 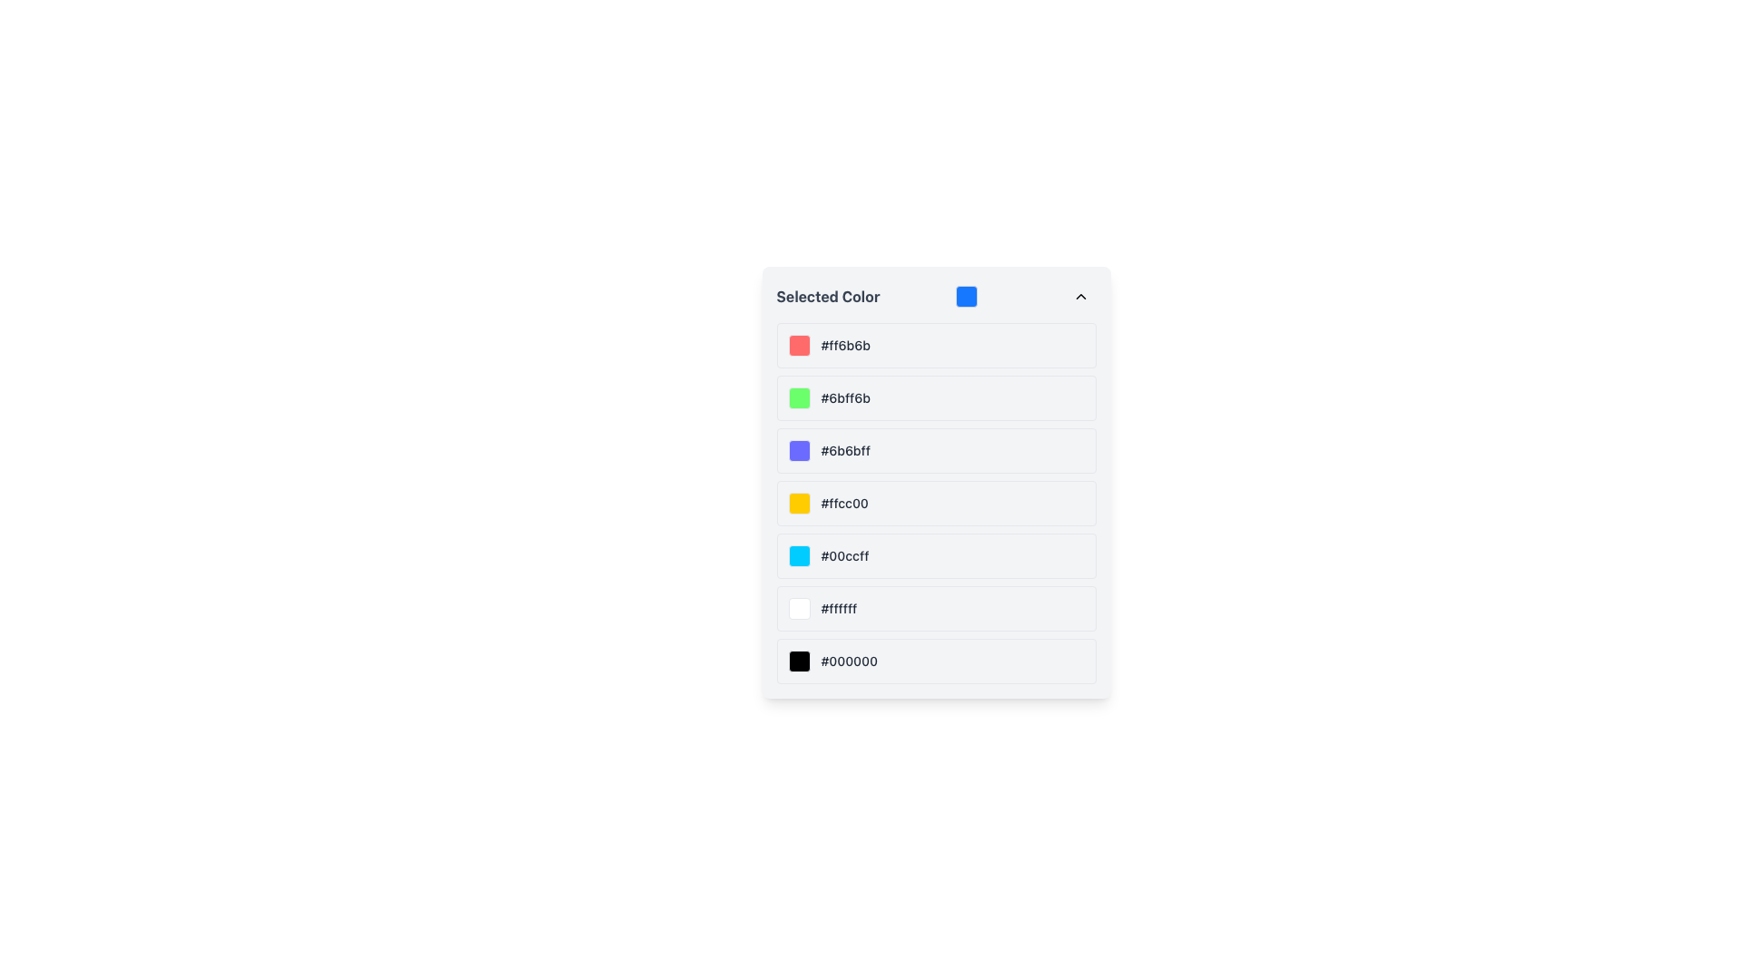 What do you see at coordinates (936, 609) in the screenshot?
I see `the selectable color option representing white (#ffffff) in the sixth position of the 'Selected Color' list` at bounding box center [936, 609].